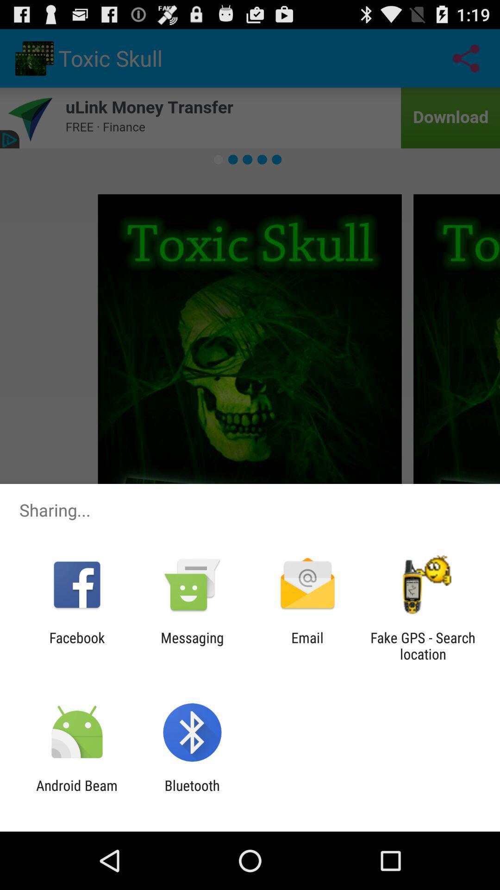  I want to click on the facebook icon, so click(76, 645).